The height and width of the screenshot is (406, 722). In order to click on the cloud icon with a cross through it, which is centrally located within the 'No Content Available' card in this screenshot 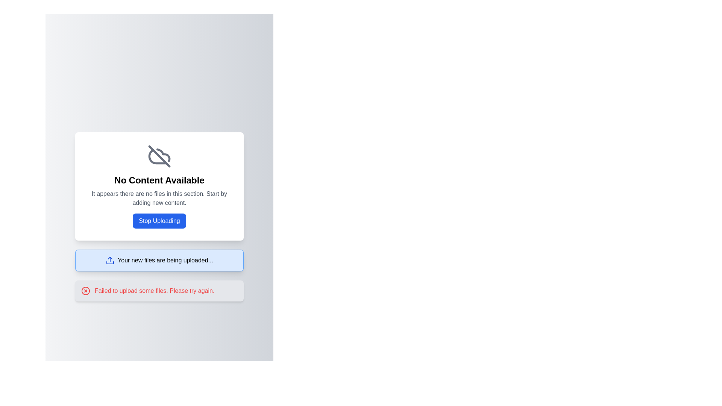, I will do `click(159, 156)`.